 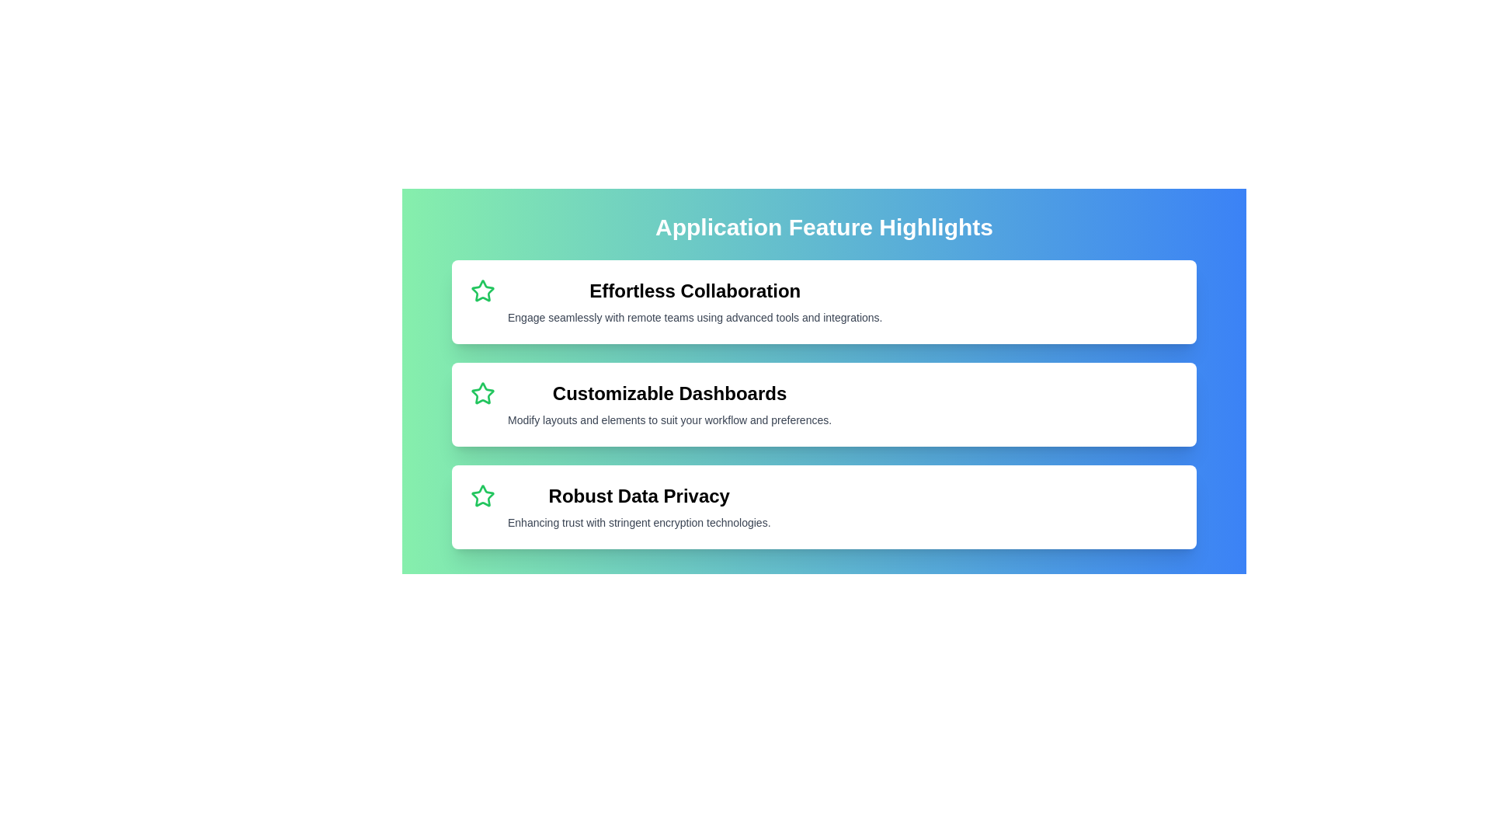 I want to click on text snippet that reads 'Enhancing trust with stringent encryption technologies.' which is styled in gray and located beneath the heading 'Robust Data Privacy', so click(x=639, y=522).